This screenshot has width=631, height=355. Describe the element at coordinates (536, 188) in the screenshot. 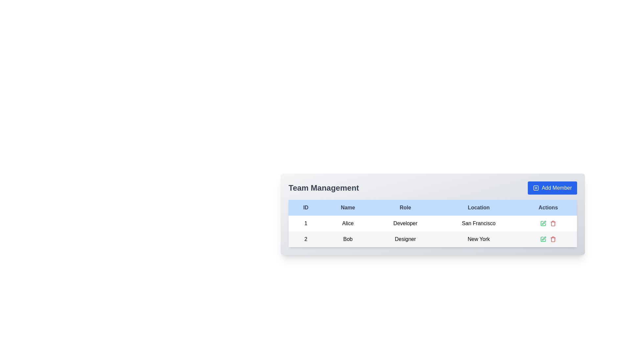

I see `the small square icon with a plus sign inside it, located to the left of the 'Add Member' text` at that location.